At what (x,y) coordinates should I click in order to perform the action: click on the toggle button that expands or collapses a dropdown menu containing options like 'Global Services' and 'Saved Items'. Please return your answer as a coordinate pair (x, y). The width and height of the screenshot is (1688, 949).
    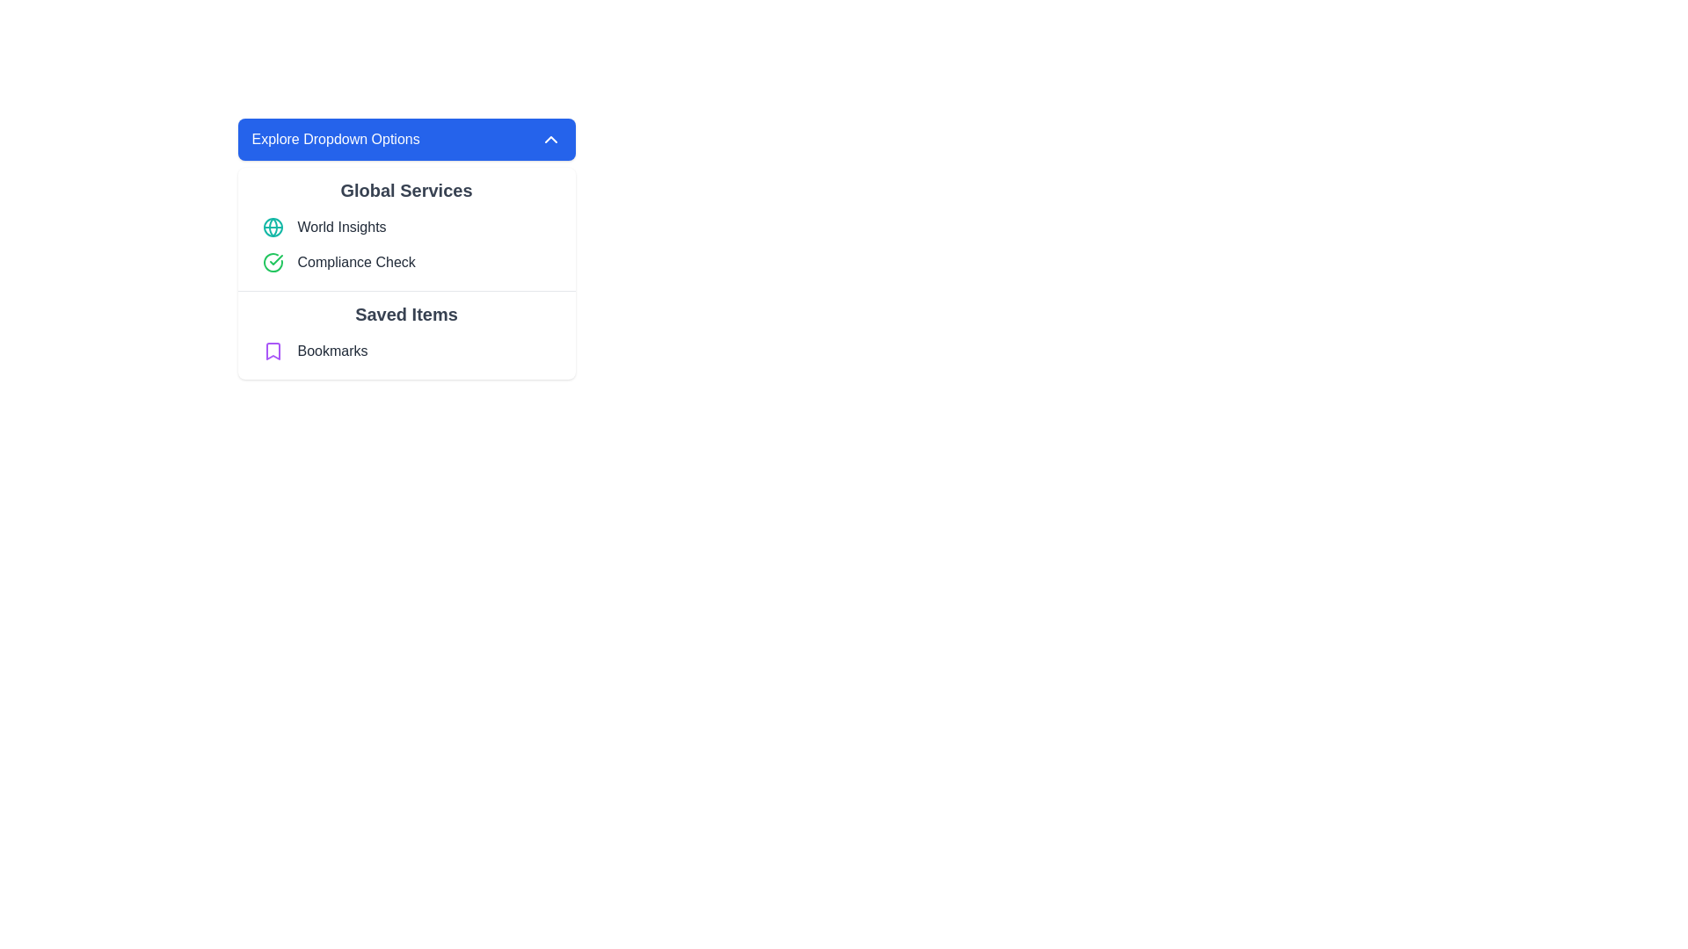
    Looking at the image, I should click on (405, 138).